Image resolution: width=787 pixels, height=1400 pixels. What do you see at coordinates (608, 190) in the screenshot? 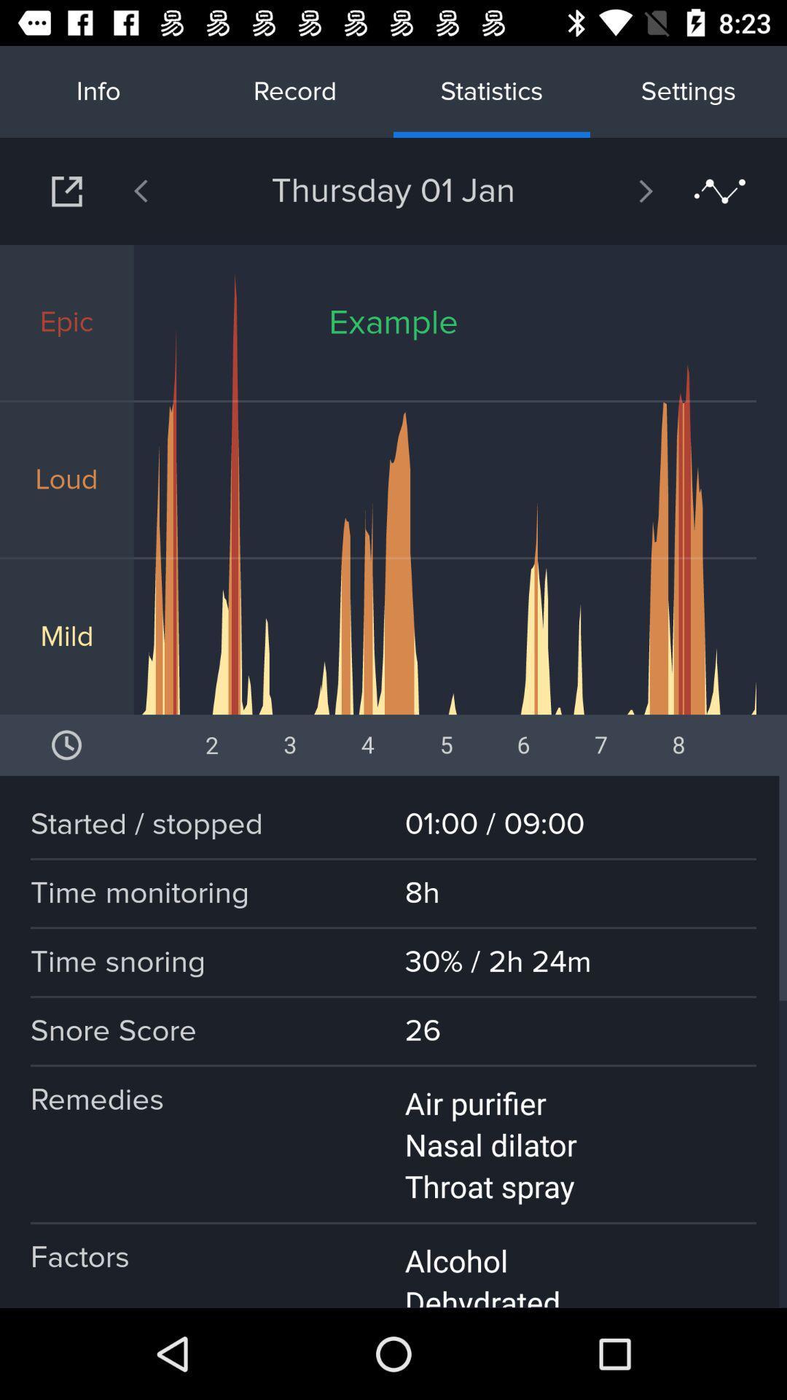
I see `move forward` at bounding box center [608, 190].